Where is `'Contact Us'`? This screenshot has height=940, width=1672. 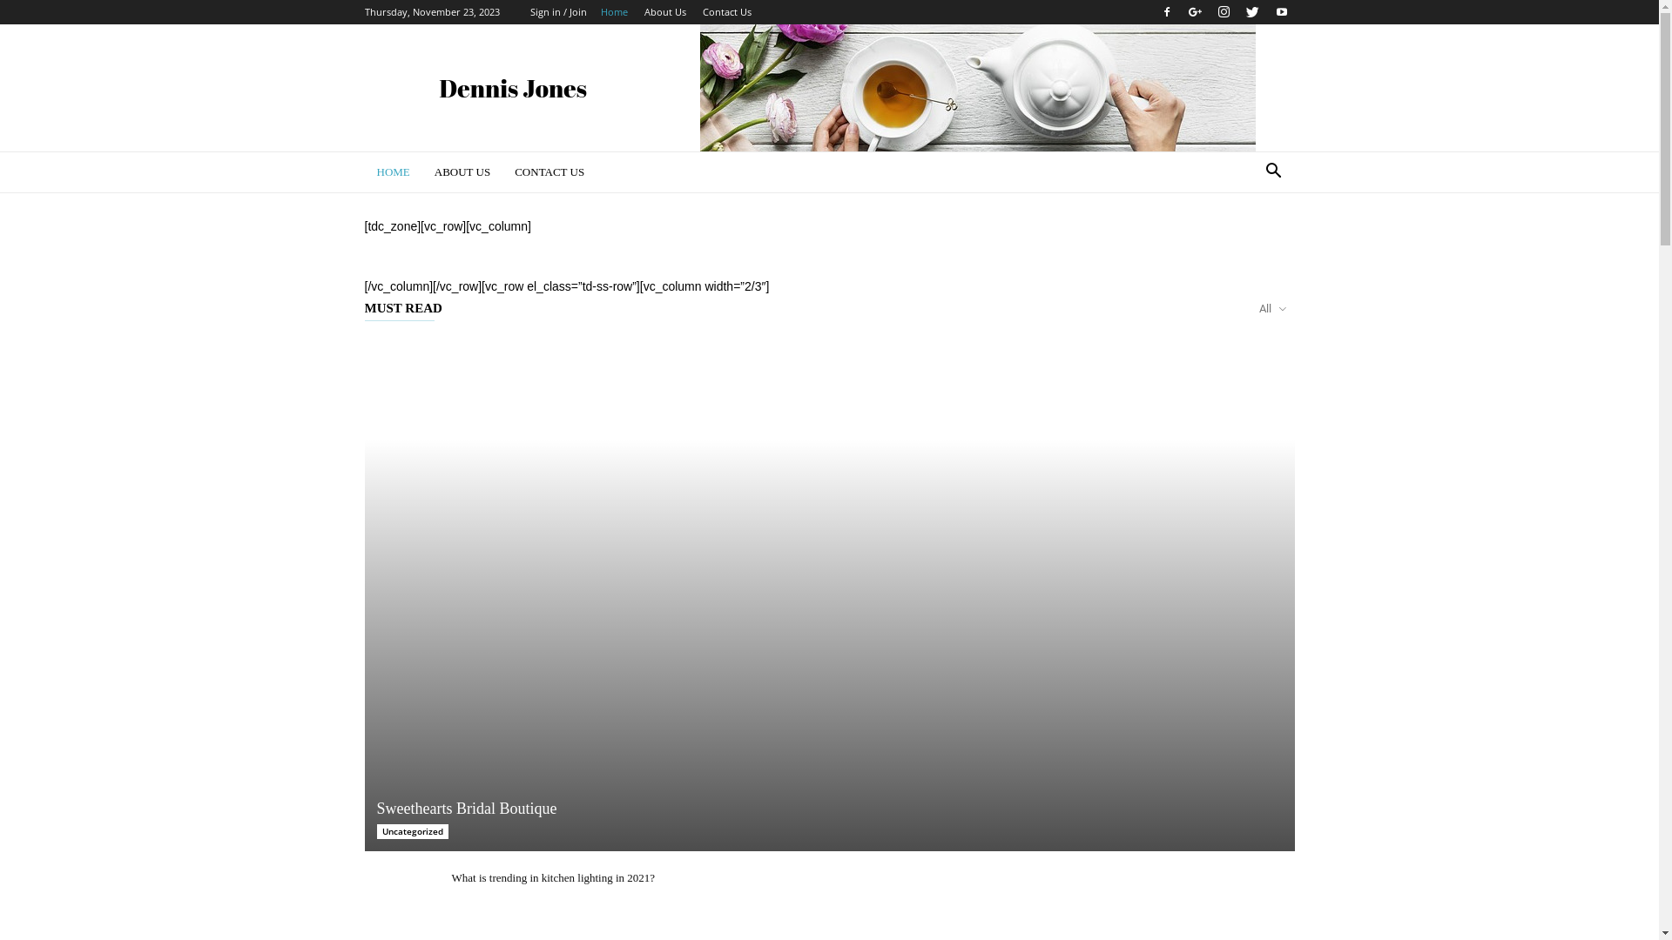 'Contact Us' is located at coordinates (726, 11).